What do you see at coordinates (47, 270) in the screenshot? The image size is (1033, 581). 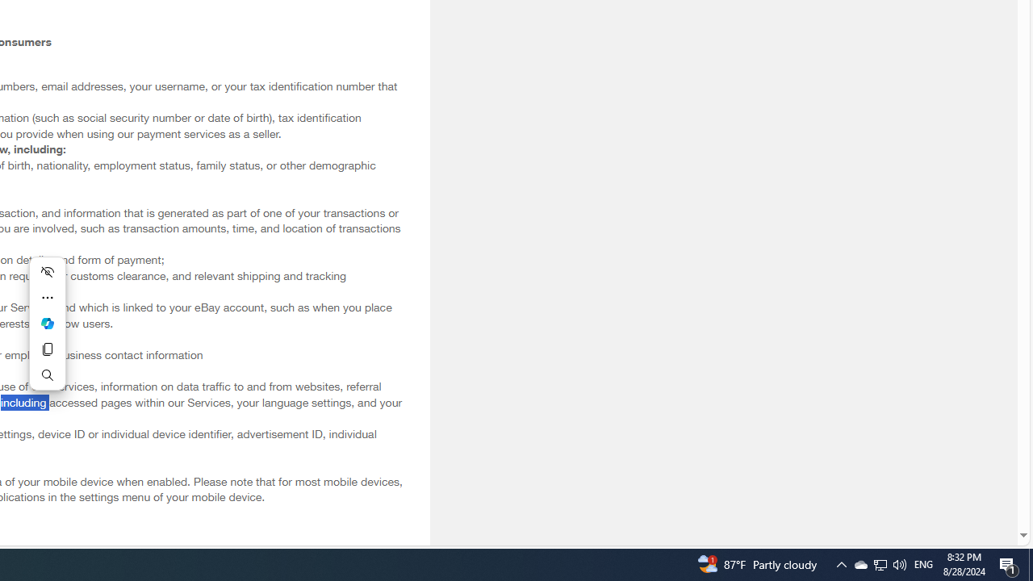 I see `'Hide menu'` at bounding box center [47, 270].